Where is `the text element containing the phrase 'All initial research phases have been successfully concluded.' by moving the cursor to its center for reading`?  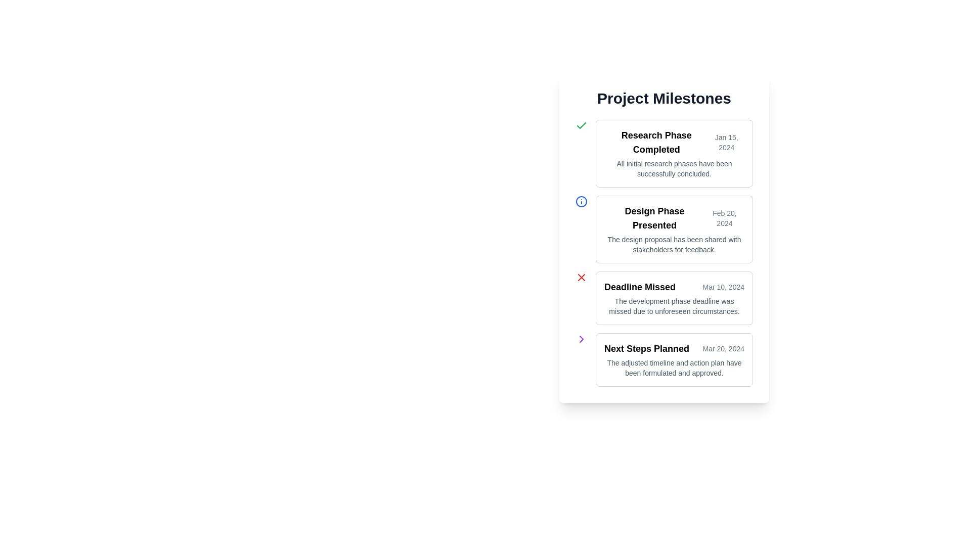 the text element containing the phrase 'All initial research phases have been successfully concluded.' by moving the cursor to its center for reading is located at coordinates (674, 168).